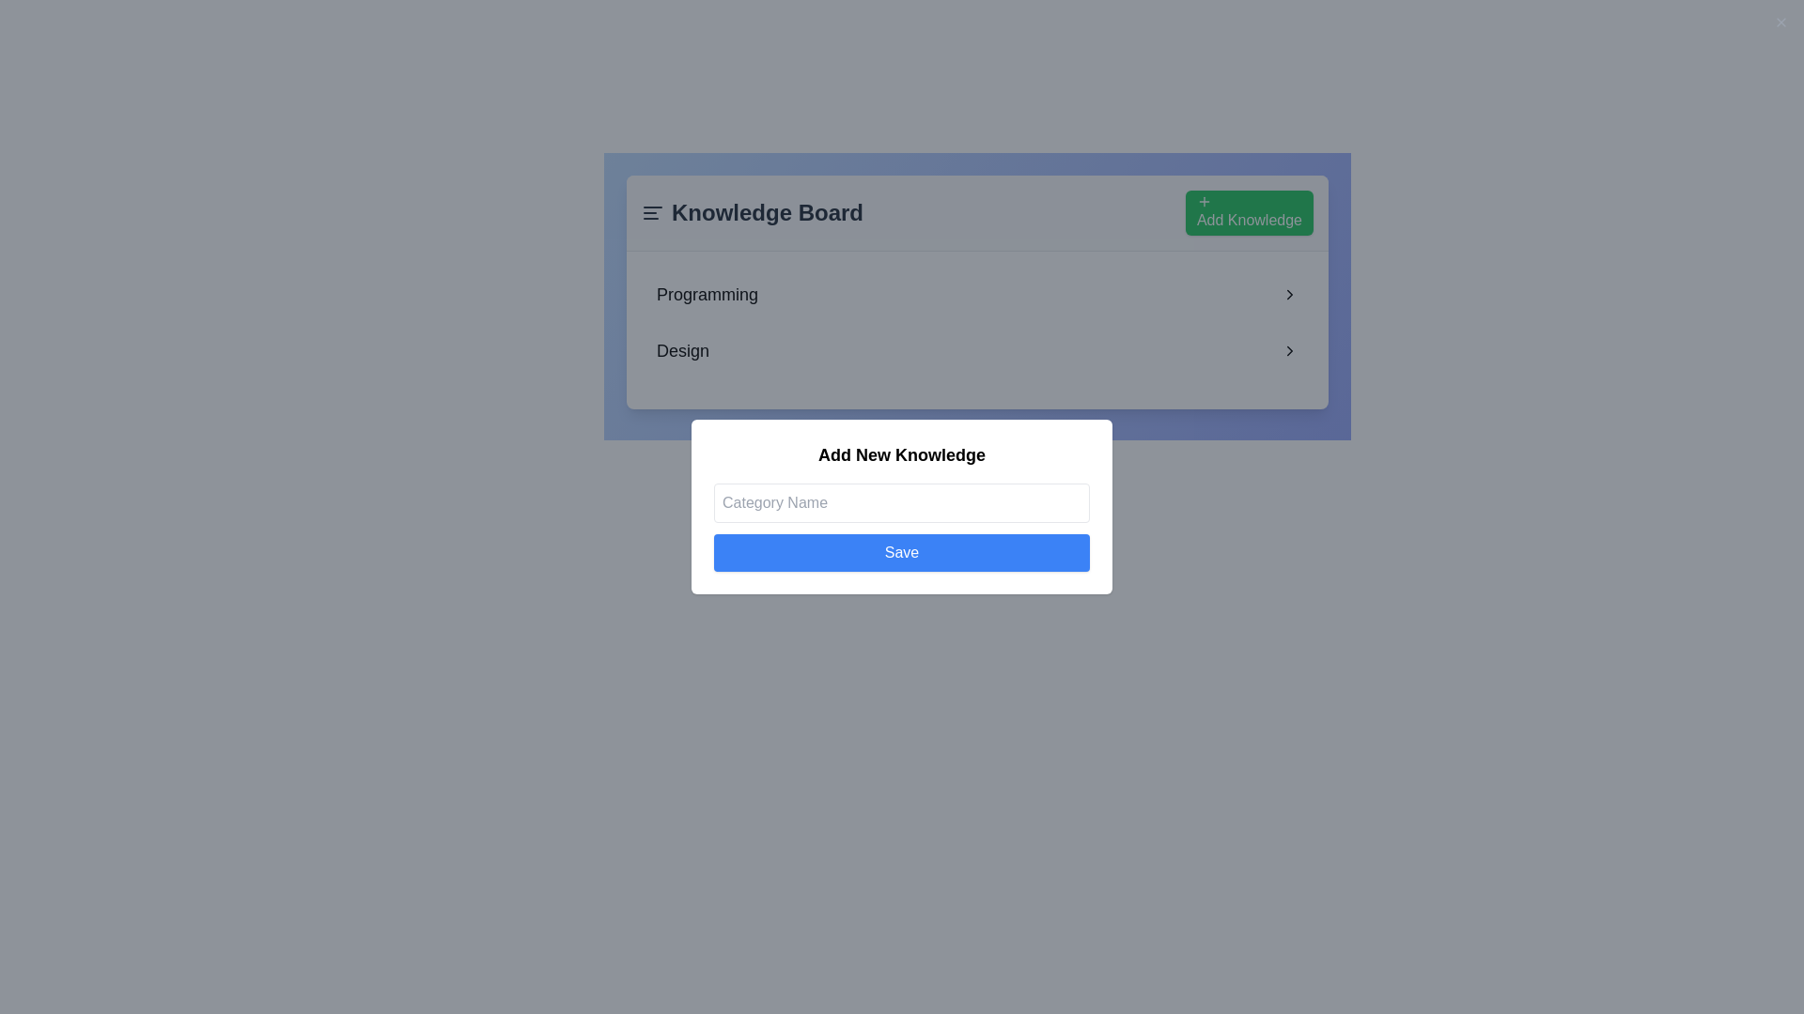 The height and width of the screenshot is (1014, 1804). What do you see at coordinates (1288, 294) in the screenshot?
I see `the rightward chevron icon with a black outline located at the right edge of the 'Programming' section` at bounding box center [1288, 294].